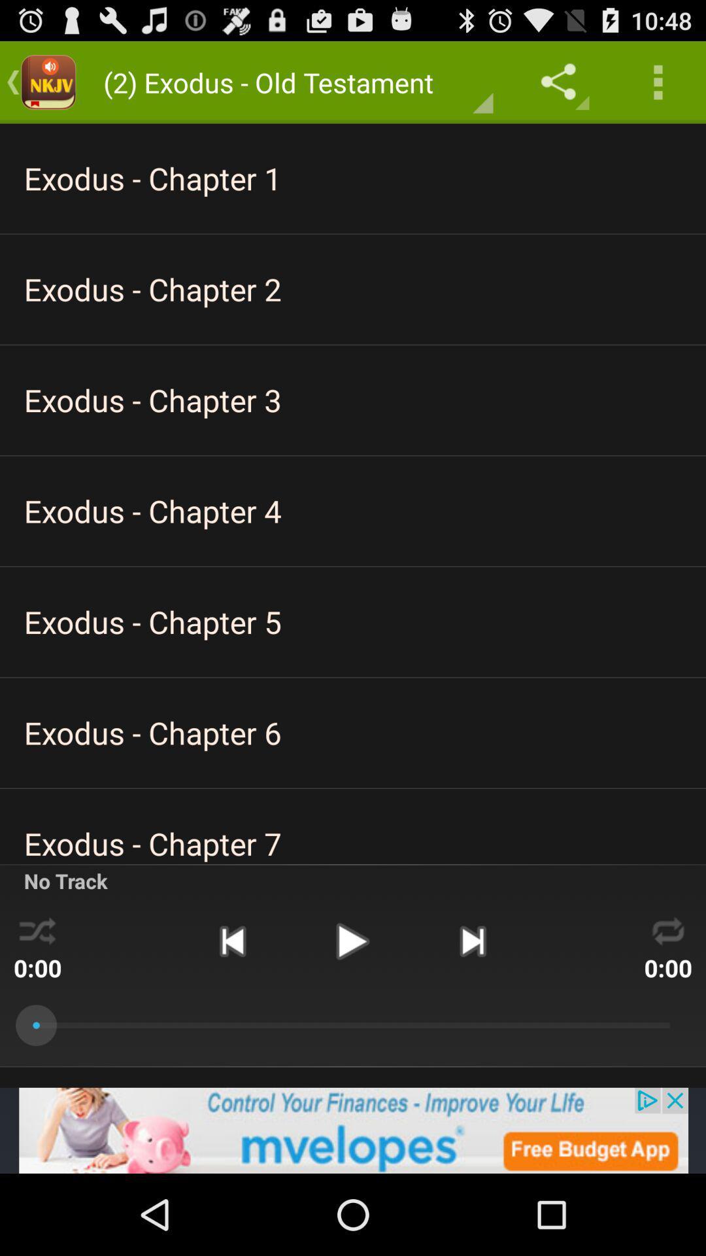 The height and width of the screenshot is (1256, 706). What do you see at coordinates (668, 928) in the screenshot?
I see `the bottom right button of page` at bounding box center [668, 928].